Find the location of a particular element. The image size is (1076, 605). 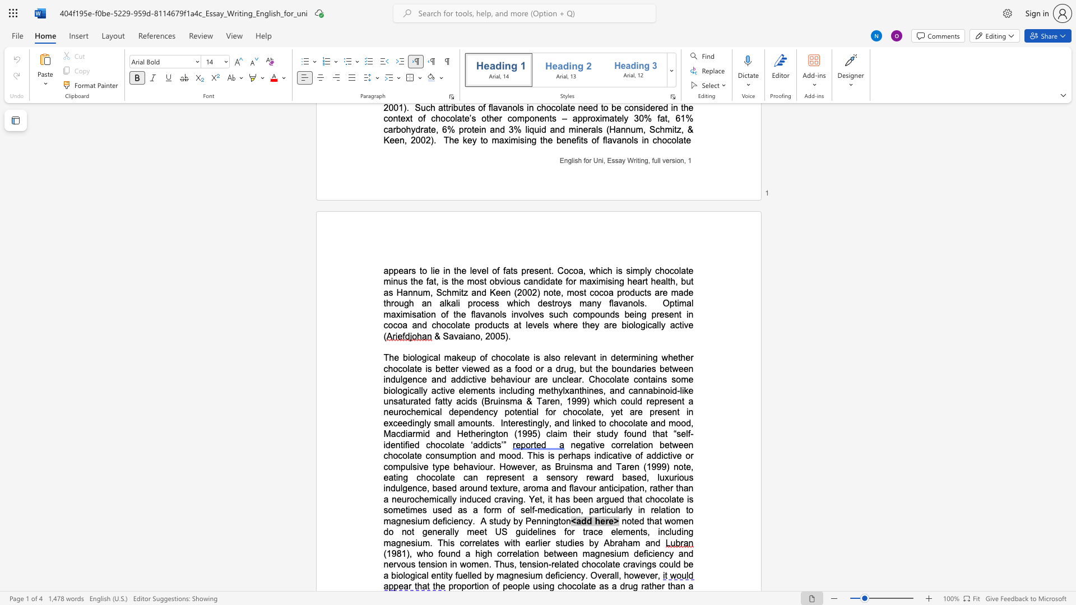

the subset text "esent in exceedingly s" within the text "a neurochemical dependency potential for chocolate, yet are present in exceedingly small amounts" is located at coordinates (657, 412).